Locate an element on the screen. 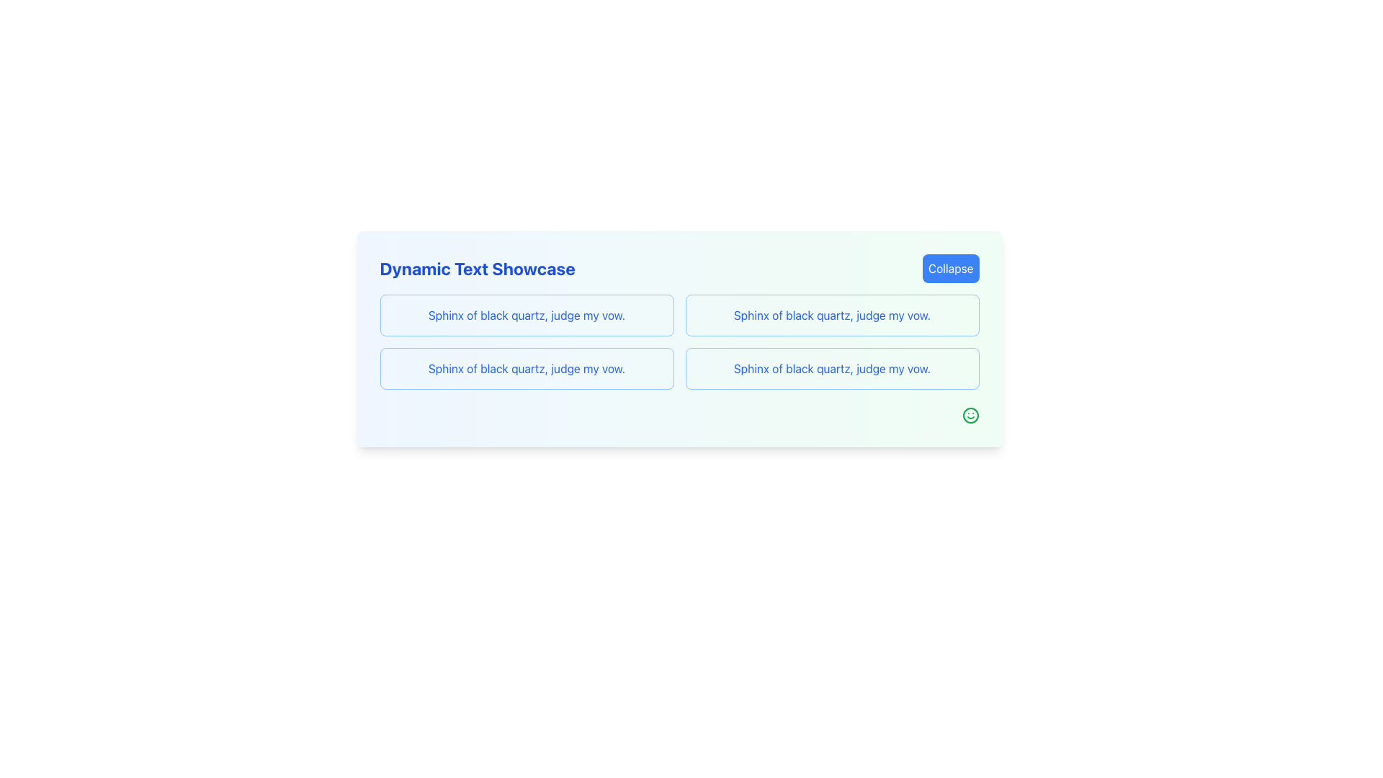  the Circle graphic that serves as the circular base of the smiley face SVG icon located in the bottom-right corner of the user interface is located at coordinates (970, 416).